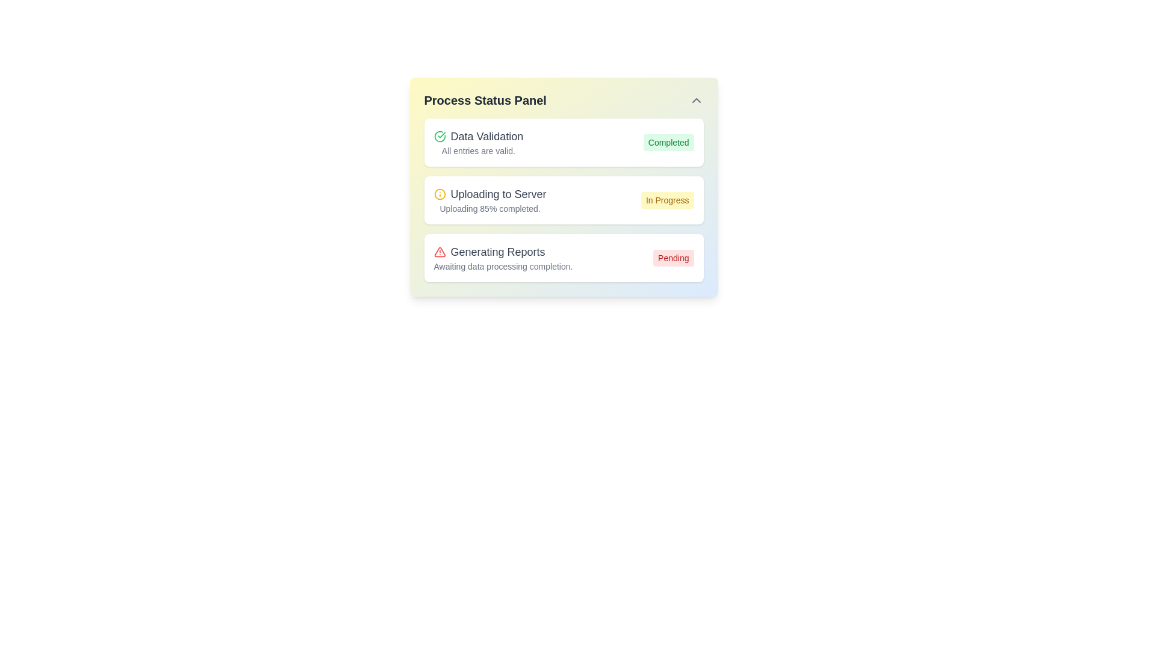  What do you see at coordinates (503, 257) in the screenshot?
I see `the 'Generating Reports' status indicator in the Process Status Panel` at bounding box center [503, 257].